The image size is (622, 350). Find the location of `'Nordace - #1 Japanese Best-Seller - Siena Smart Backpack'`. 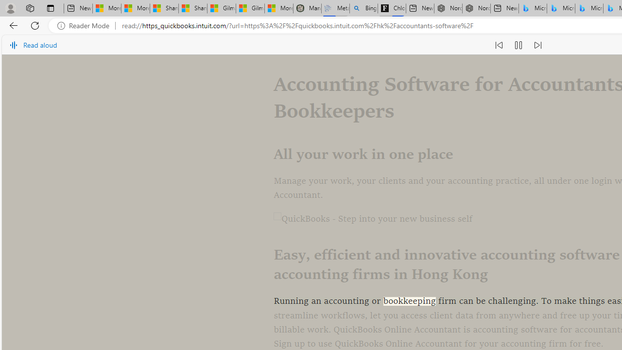

'Nordace - #1 Japanese Best-Seller - Siena Smart Backpack' is located at coordinates (476, 8).